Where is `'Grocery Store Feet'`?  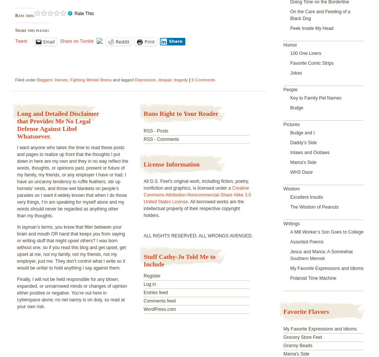 'Grocery Store Feet' is located at coordinates (302, 337).